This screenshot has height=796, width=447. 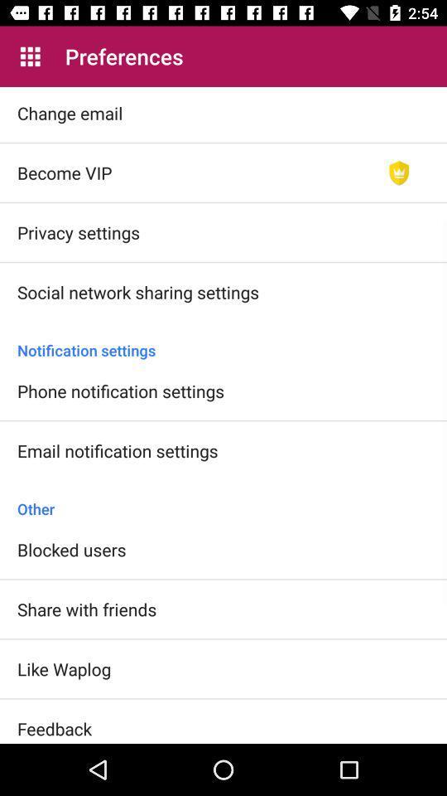 What do you see at coordinates (30, 56) in the screenshot?
I see `app to the left of preferences item` at bounding box center [30, 56].